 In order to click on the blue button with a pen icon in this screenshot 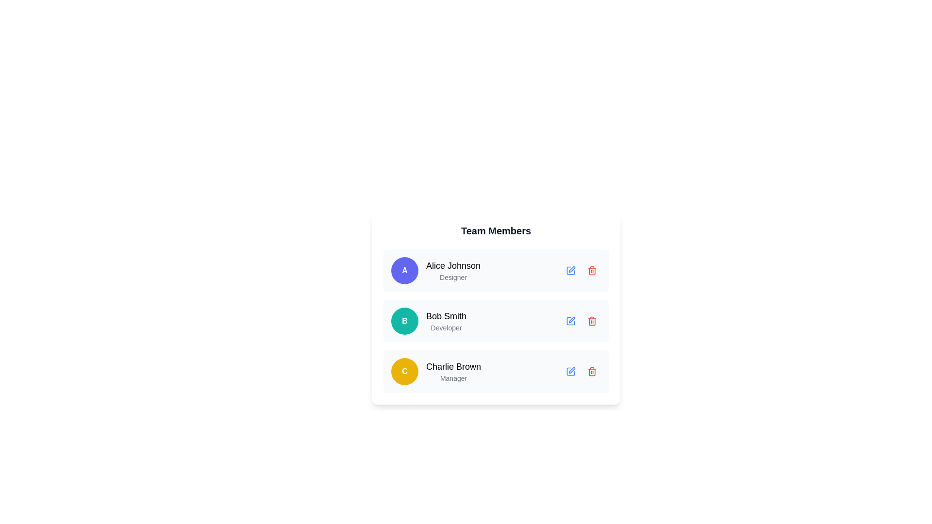, I will do `click(571, 371)`.